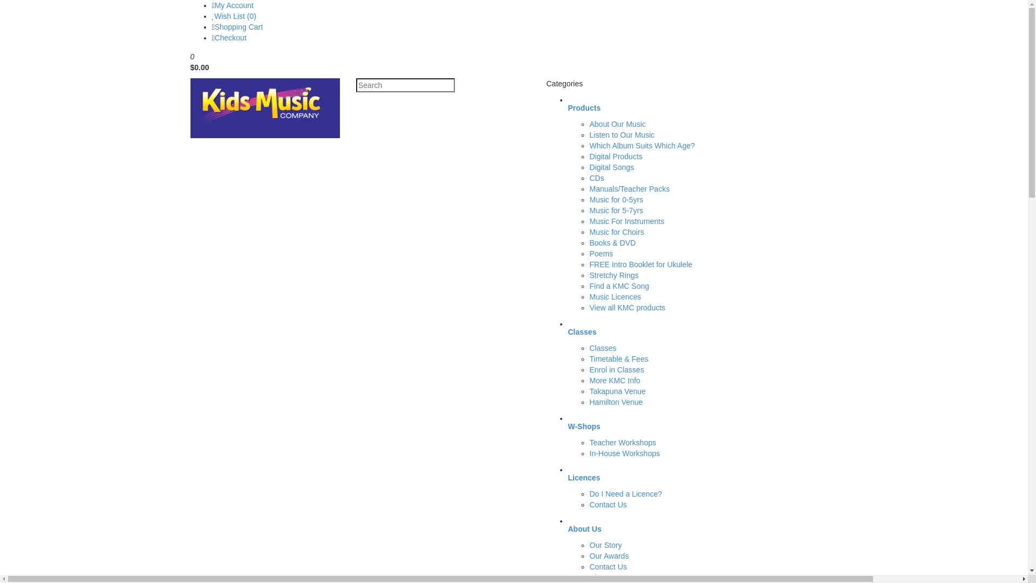 Image resolution: width=1036 pixels, height=583 pixels. What do you see at coordinates (588, 243) in the screenshot?
I see `'Books & DVD'` at bounding box center [588, 243].